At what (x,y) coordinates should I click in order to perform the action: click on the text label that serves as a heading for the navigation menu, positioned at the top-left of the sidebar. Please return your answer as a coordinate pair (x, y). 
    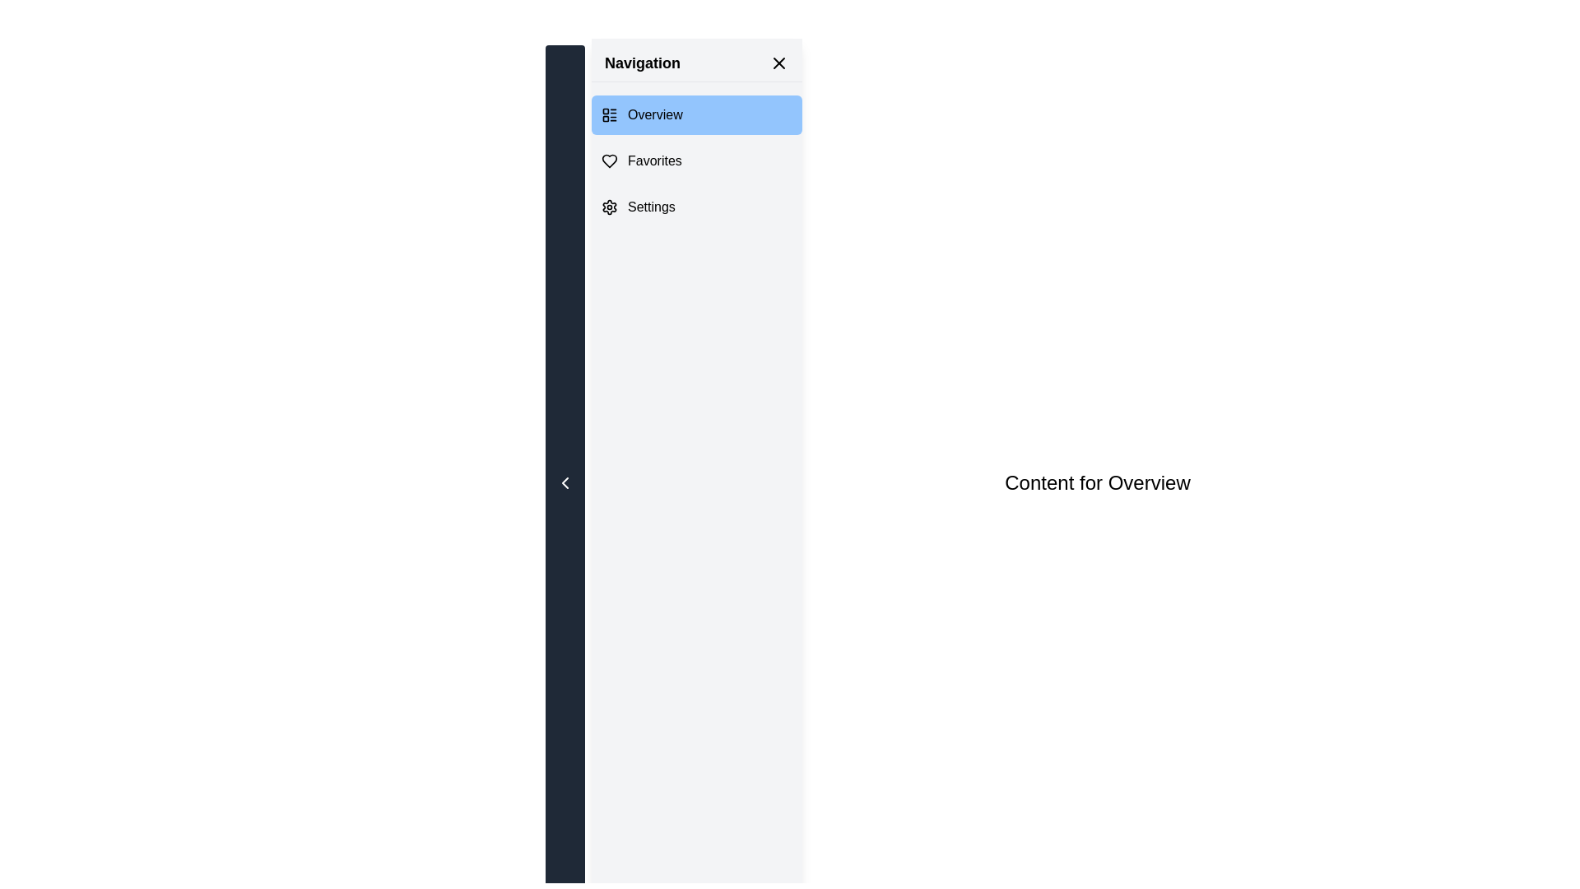
    Looking at the image, I should click on (642, 63).